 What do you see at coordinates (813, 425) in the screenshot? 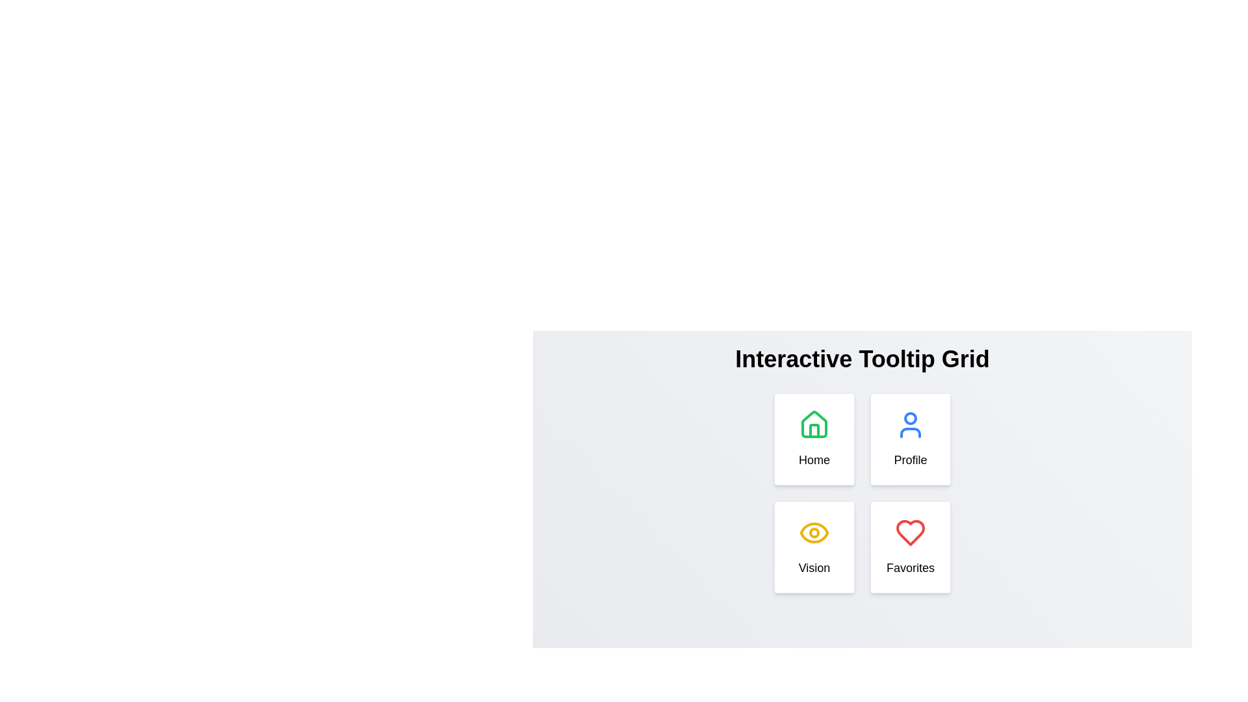
I see `the house-shaped icon with green lines located at the center-top of the 'Home' card in the 2x2 grid layout` at bounding box center [813, 425].